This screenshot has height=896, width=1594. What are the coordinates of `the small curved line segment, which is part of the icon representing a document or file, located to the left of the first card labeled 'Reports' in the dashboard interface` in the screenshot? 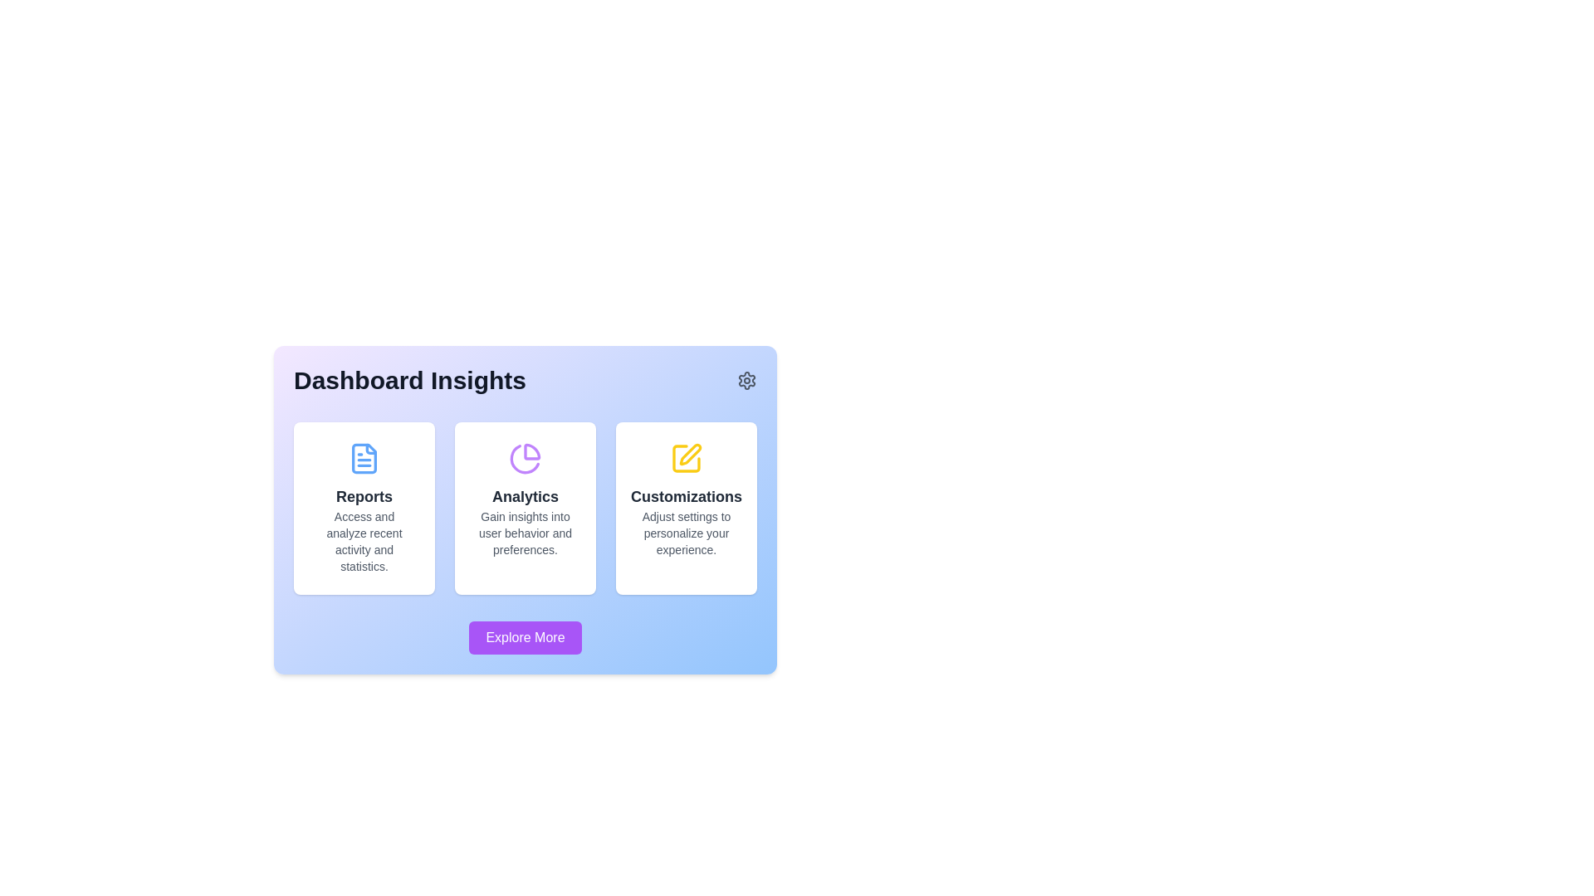 It's located at (370, 449).